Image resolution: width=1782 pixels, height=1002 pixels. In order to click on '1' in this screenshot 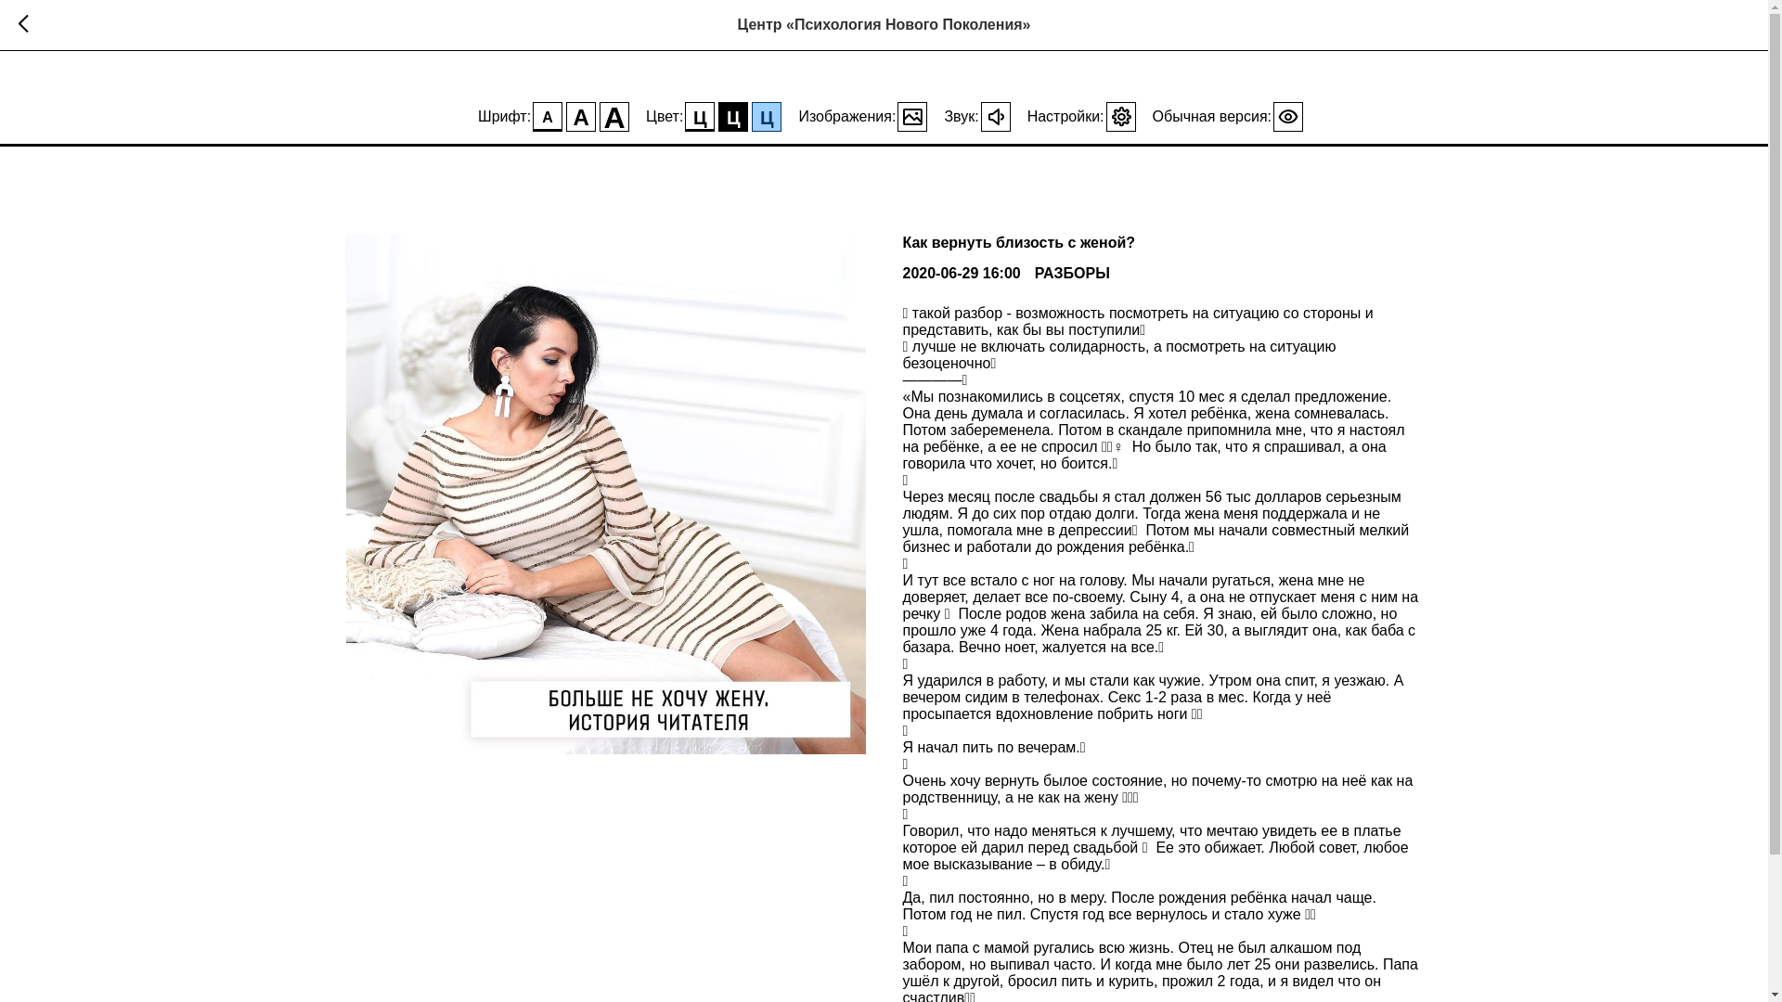, I will do `click(912, 117)`.